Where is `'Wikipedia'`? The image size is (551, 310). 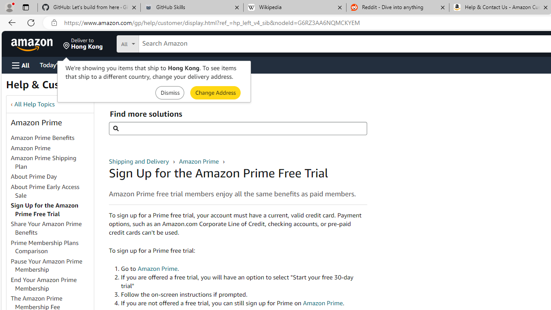 'Wikipedia' is located at coordinates (294, 7).